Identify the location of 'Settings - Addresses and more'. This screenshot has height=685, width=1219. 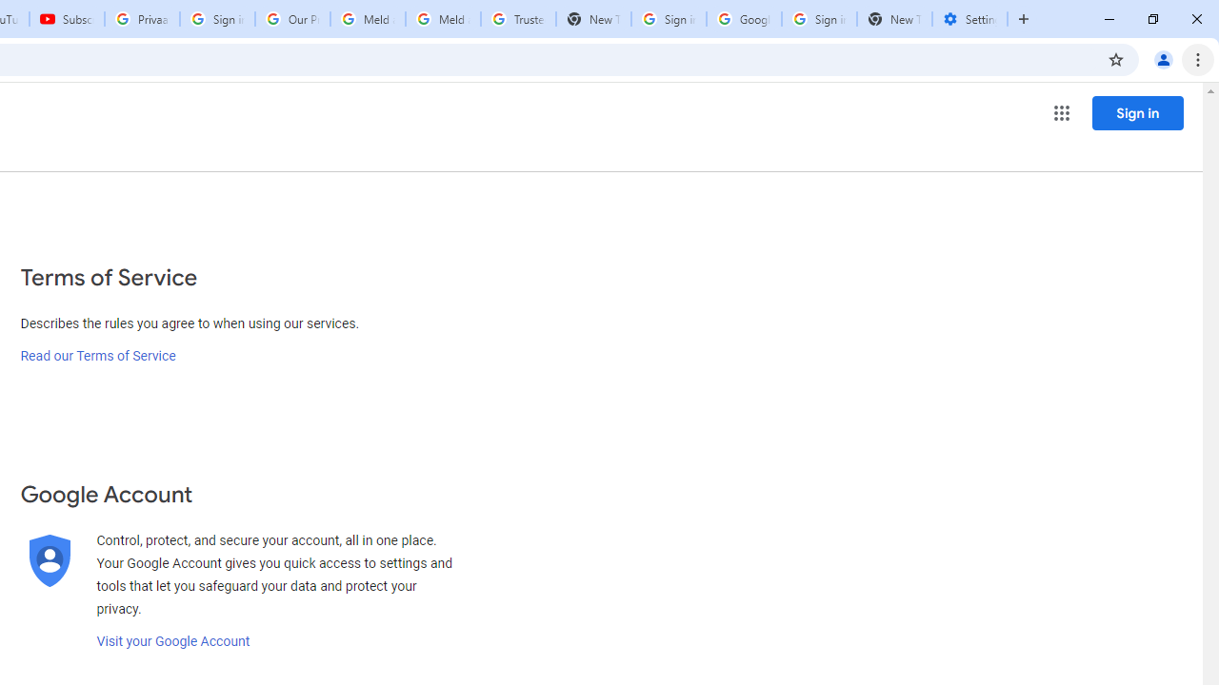
(969, 19).